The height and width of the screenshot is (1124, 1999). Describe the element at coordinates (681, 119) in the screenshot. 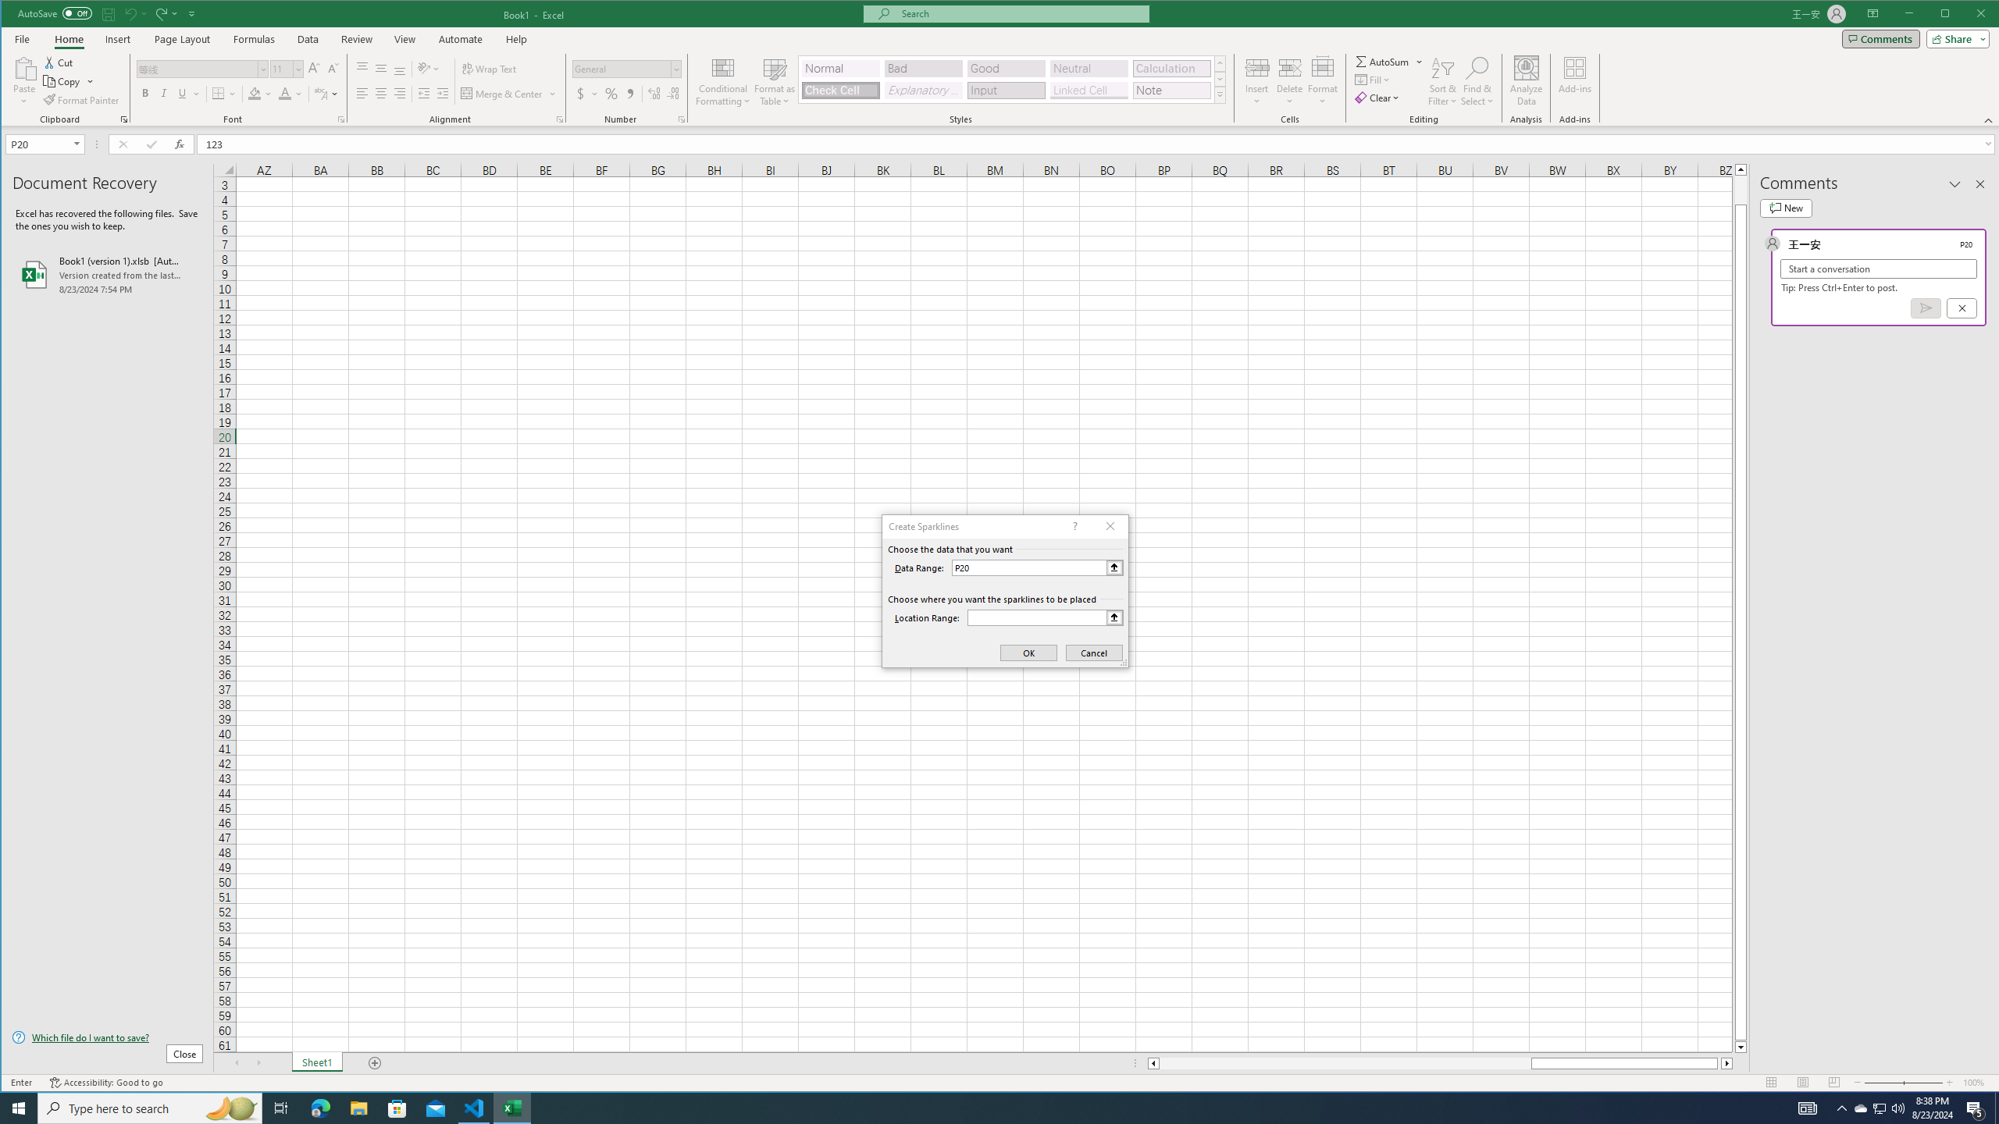

I see `'Format Cell Number'` at that location.